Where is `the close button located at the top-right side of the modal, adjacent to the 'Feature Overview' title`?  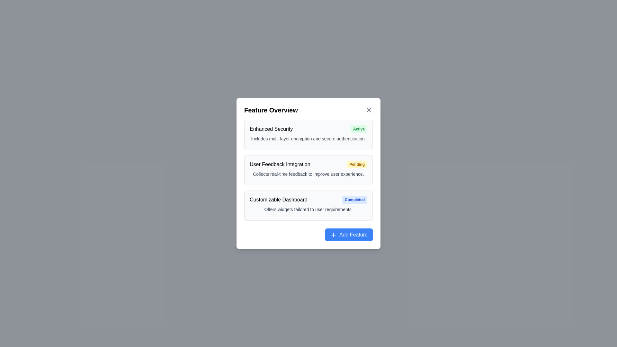 the close button located at the top-right side of the modal, adjacent to the 'Feature Overview' title is located at coordinates (369, 110).